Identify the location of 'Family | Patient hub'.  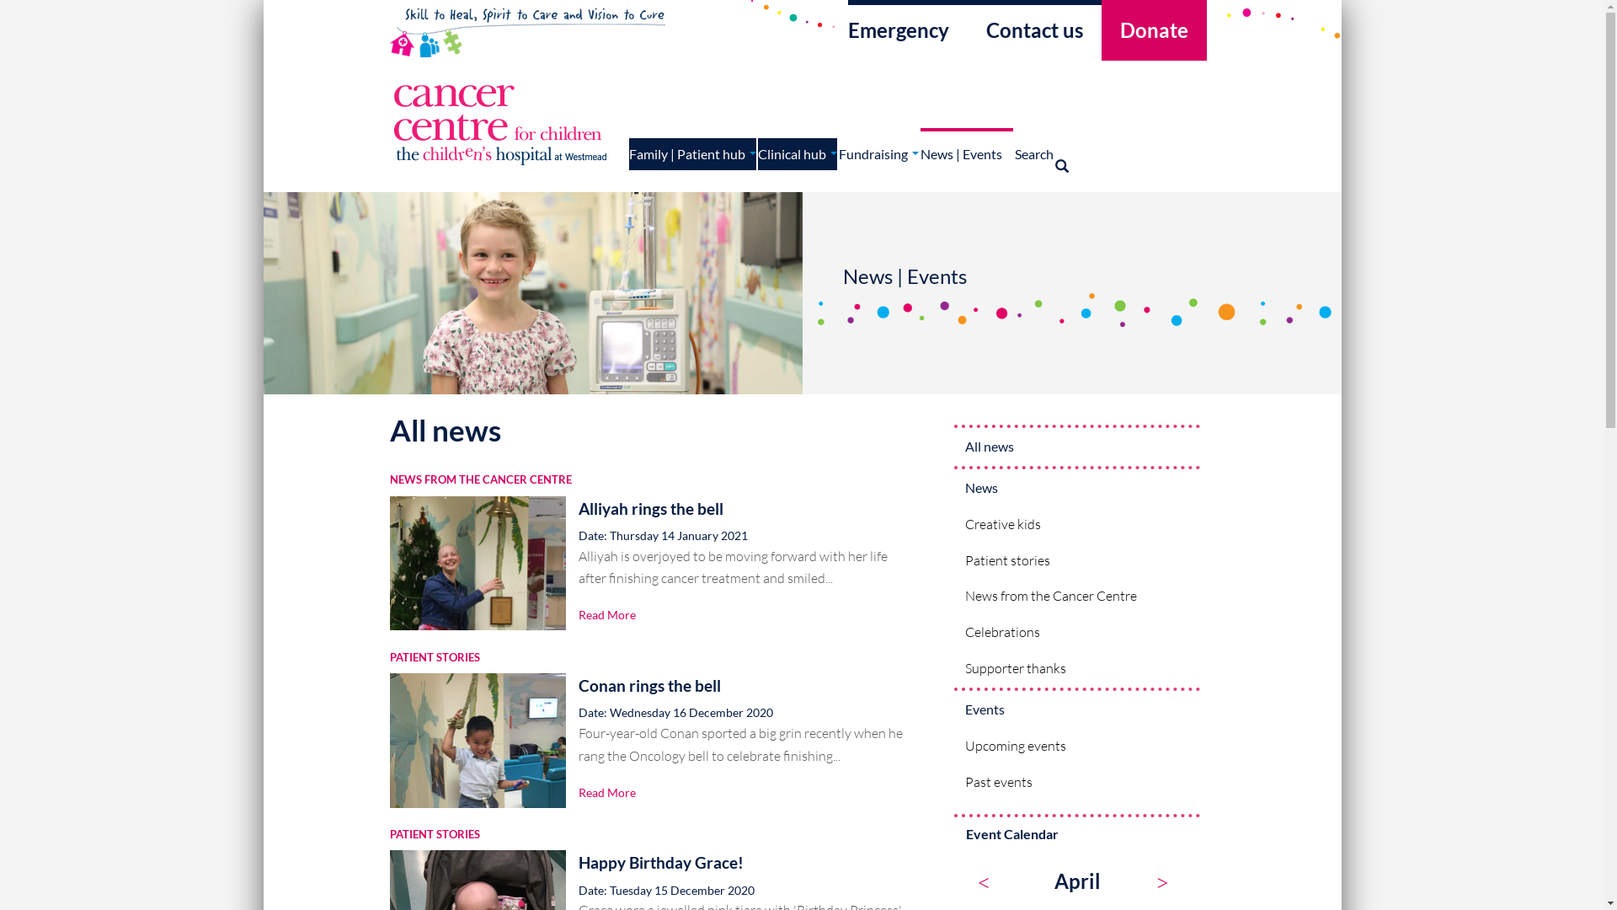
(692, 153).